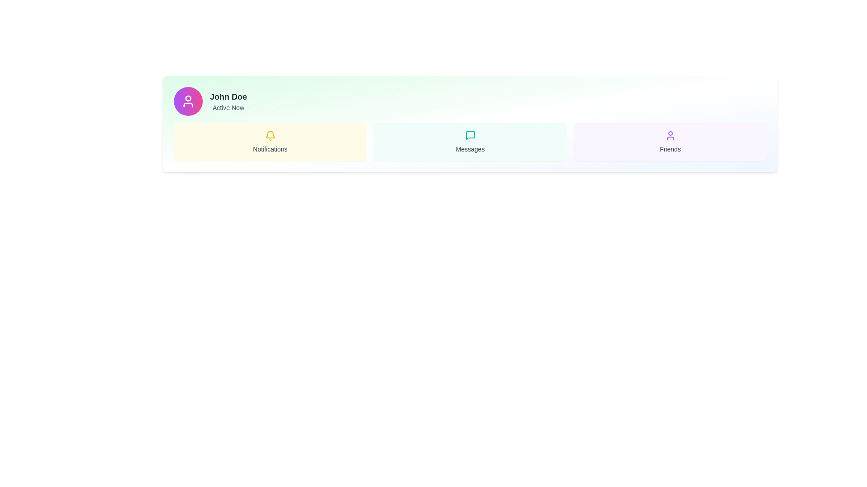 Image resolution: width=867 pixels, height=487 pixels. I want to click on the Profile Picture, which is a circular icon with a gradient background transitioning from purple to pink, containing a white line art of a user silhouette in its center, located on the far left of the interface, so click(188, 101).